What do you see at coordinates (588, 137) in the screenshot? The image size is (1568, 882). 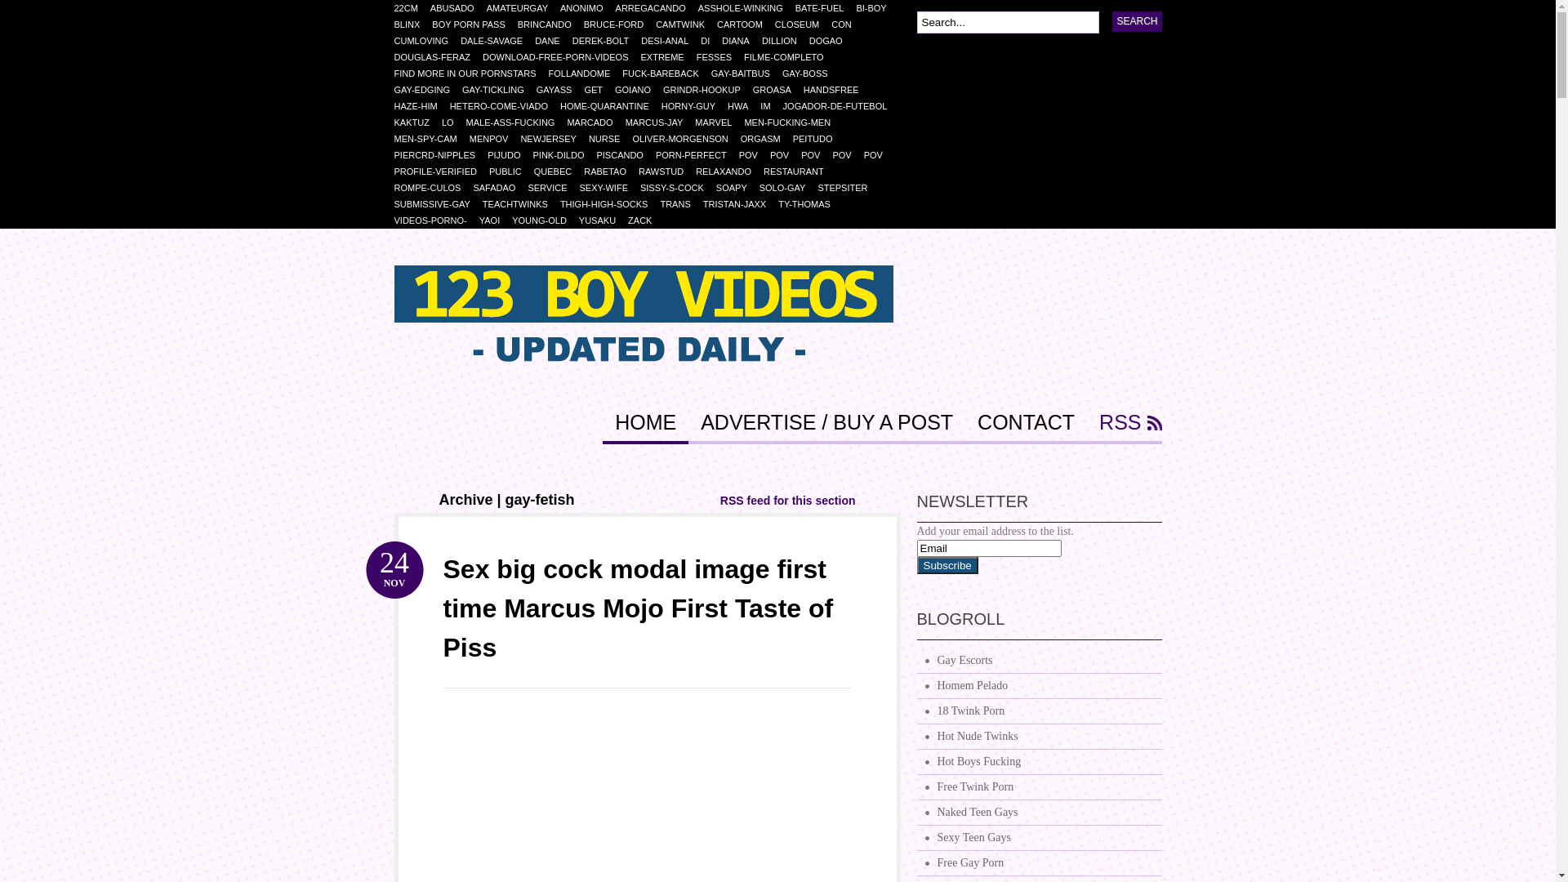 I see `'NURSE'` at bounding box center [588, 137].